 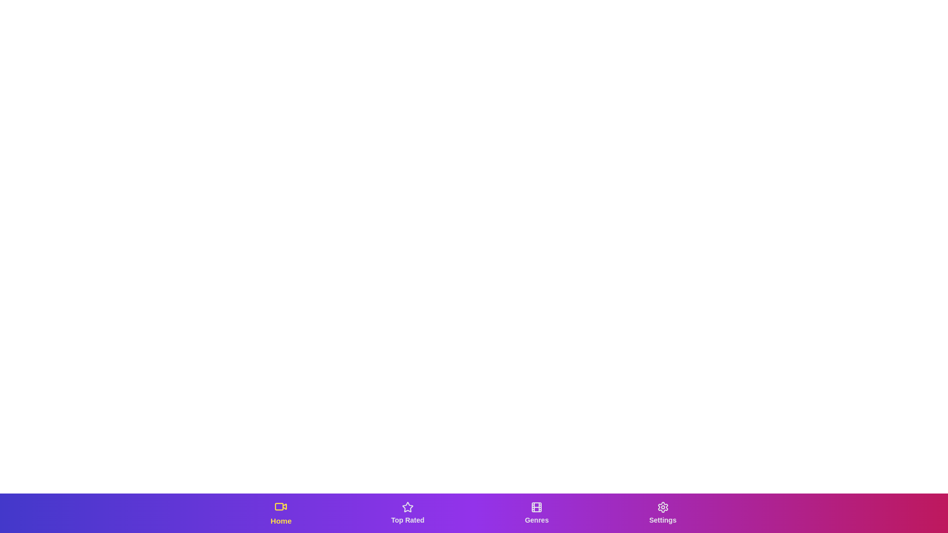 I want to click on the Settings tab from the navigation bar, so click(x=663, y=513).